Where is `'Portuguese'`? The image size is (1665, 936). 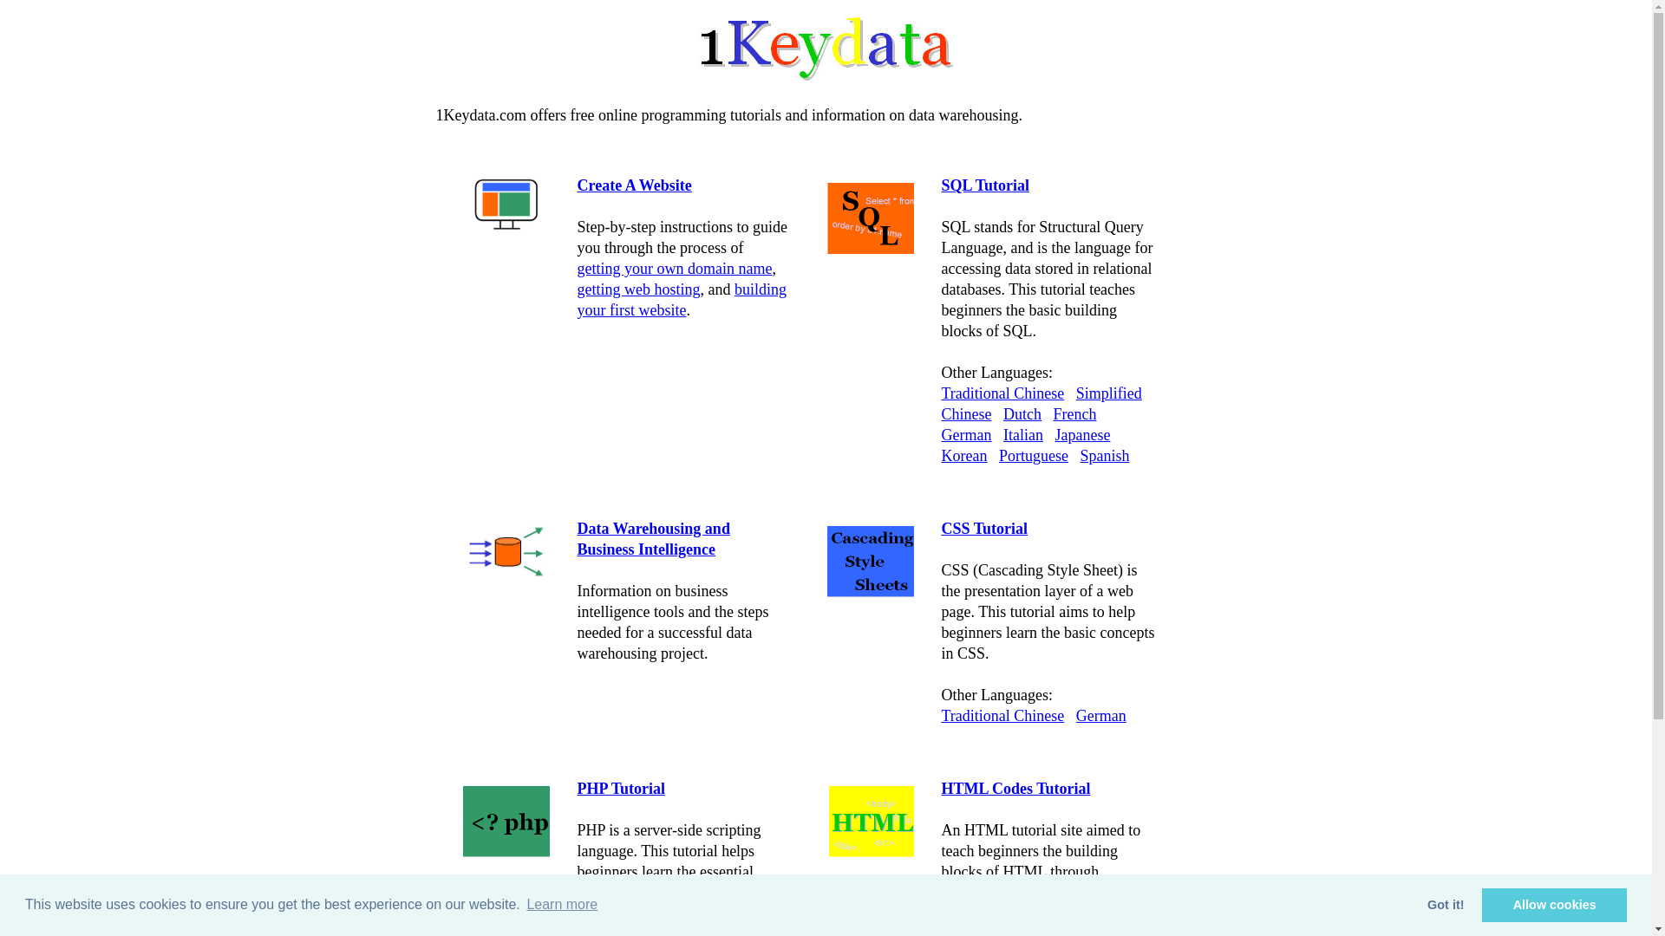
'Portuguese' is located at coordinates (1033, 454).